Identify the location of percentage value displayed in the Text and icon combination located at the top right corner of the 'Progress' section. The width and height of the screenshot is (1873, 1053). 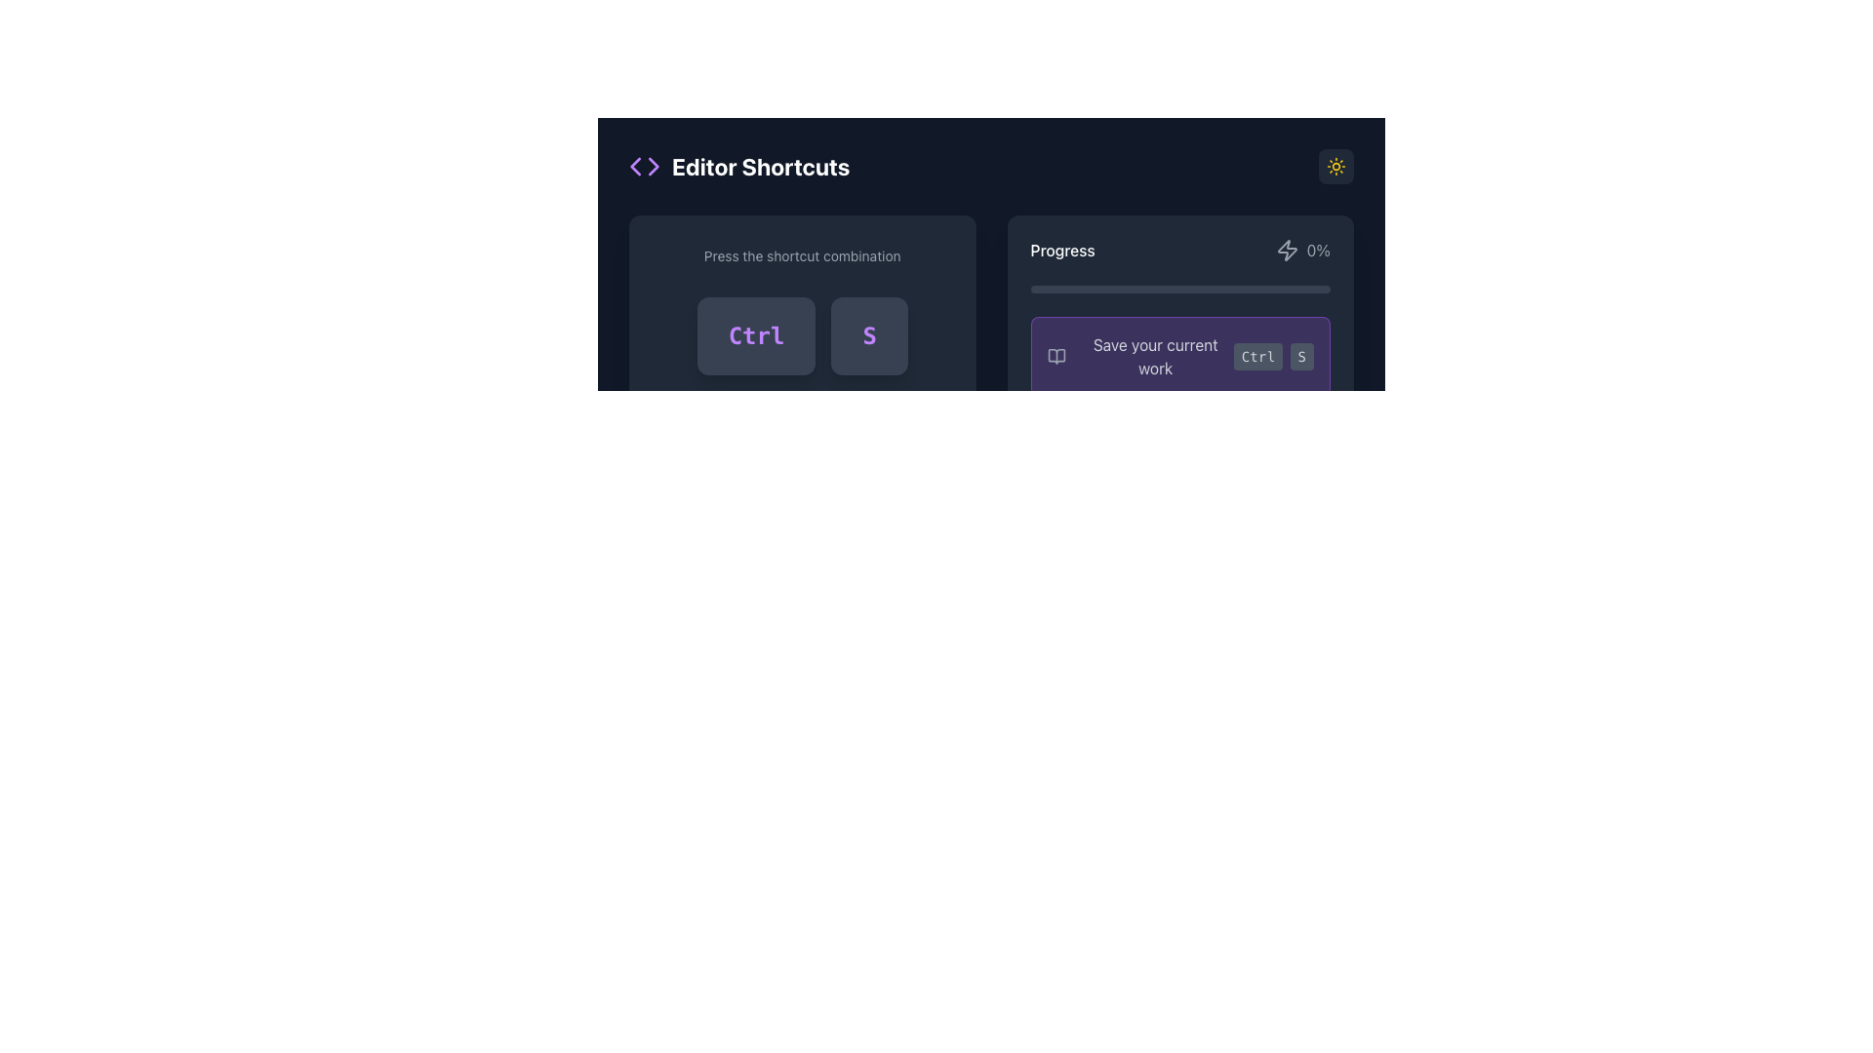
(1302, 250).